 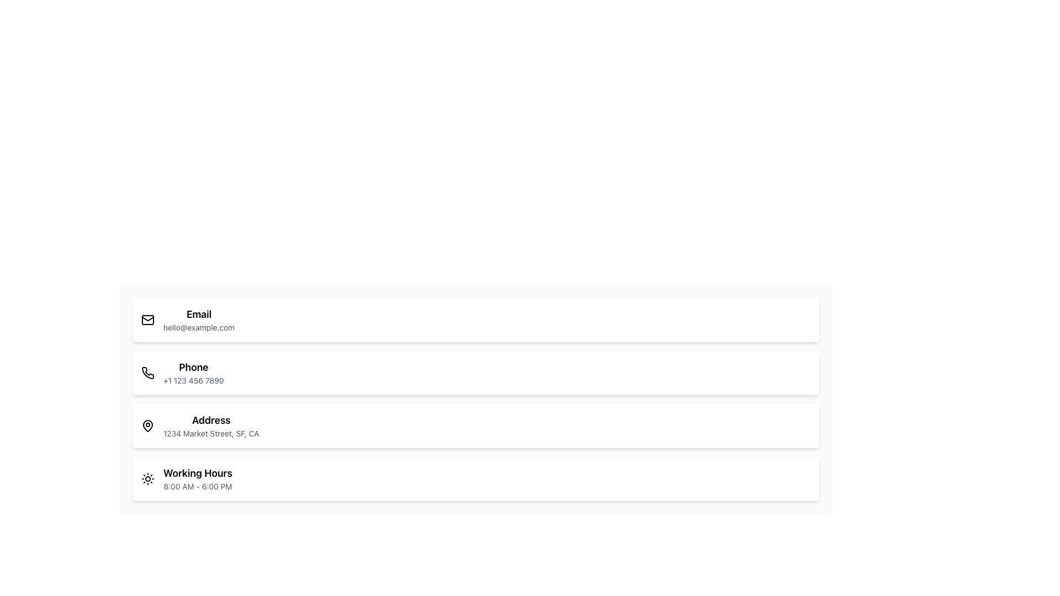 What do you see at coordinates (147, 478) in the screenshot?
I see `the sun icon located to the left of the 'Working Hours' label in the fourth card section` at bounding box center [147, 478].